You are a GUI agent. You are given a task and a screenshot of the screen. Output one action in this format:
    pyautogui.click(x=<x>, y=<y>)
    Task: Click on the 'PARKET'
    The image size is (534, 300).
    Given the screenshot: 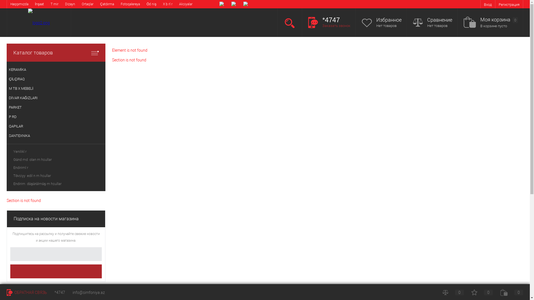 What is the action you would take?
    pyautogui.click(x=56, y=107)
    